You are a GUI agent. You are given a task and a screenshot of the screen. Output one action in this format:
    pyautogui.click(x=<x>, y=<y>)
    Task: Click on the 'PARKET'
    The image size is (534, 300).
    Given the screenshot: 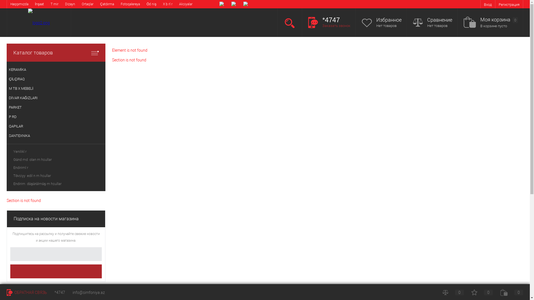 What is the action you would take?
    pyautogui.click(x=56, y=107)
    